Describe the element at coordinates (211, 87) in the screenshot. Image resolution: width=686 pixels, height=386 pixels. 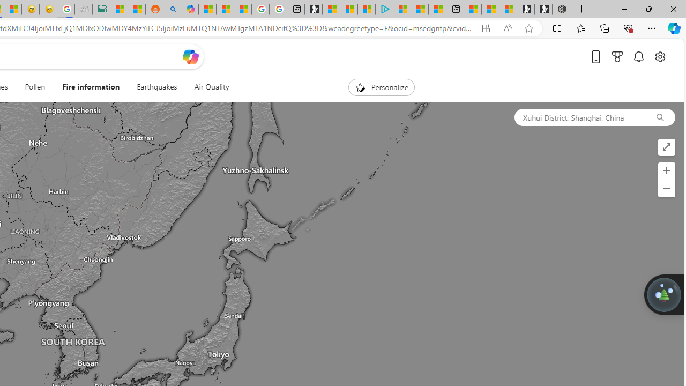
I see `'Air Quality'` at that location.